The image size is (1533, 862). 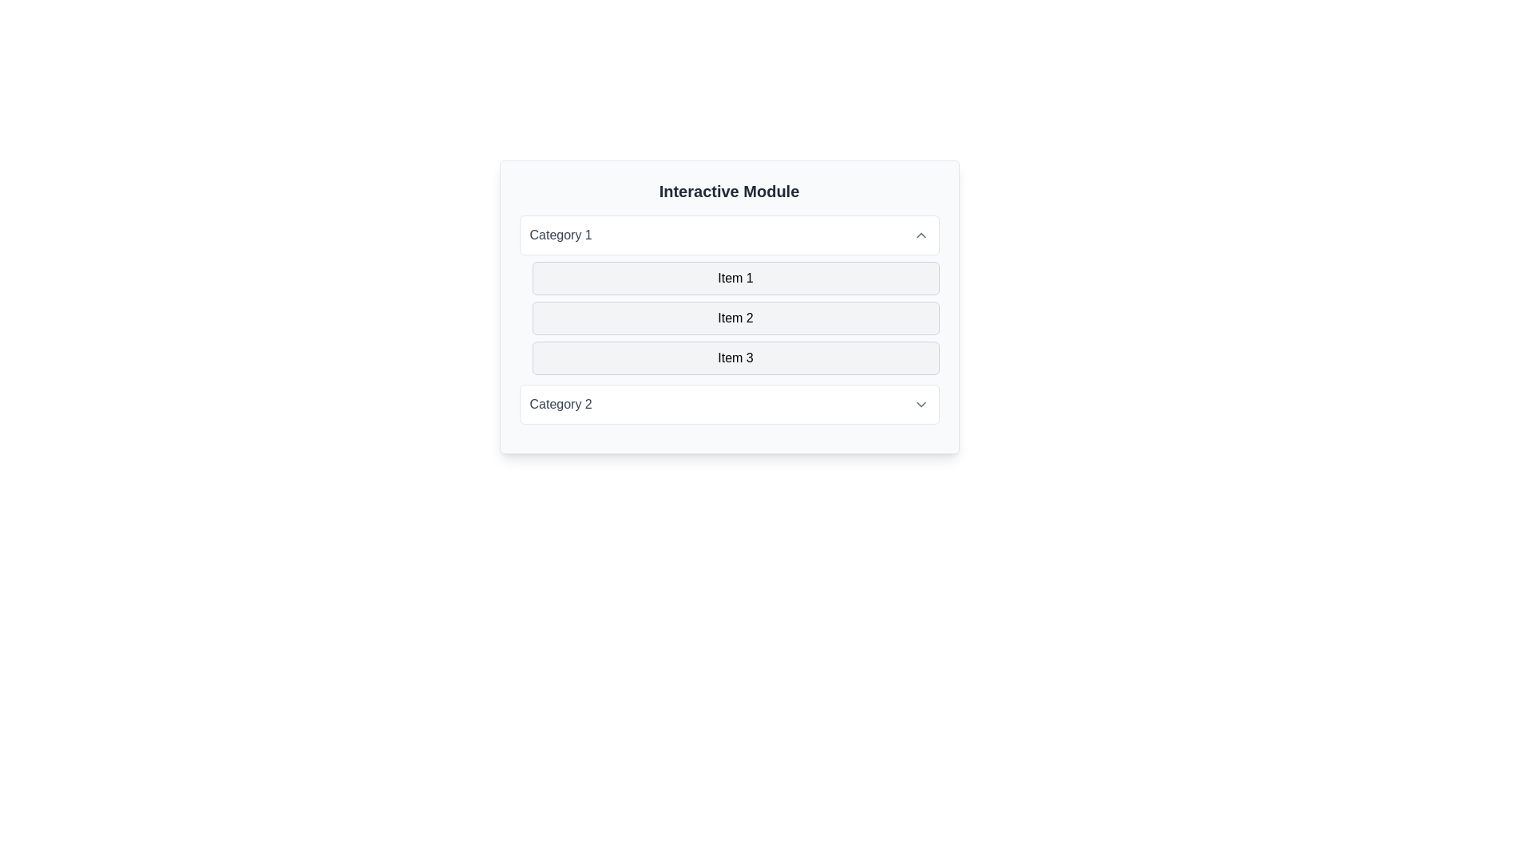 I want to click on the small upward-pointing chevron-shaped icon with a gray color, located adjacent to the right of the 'Category 1' text, so click(x=921, y=235).